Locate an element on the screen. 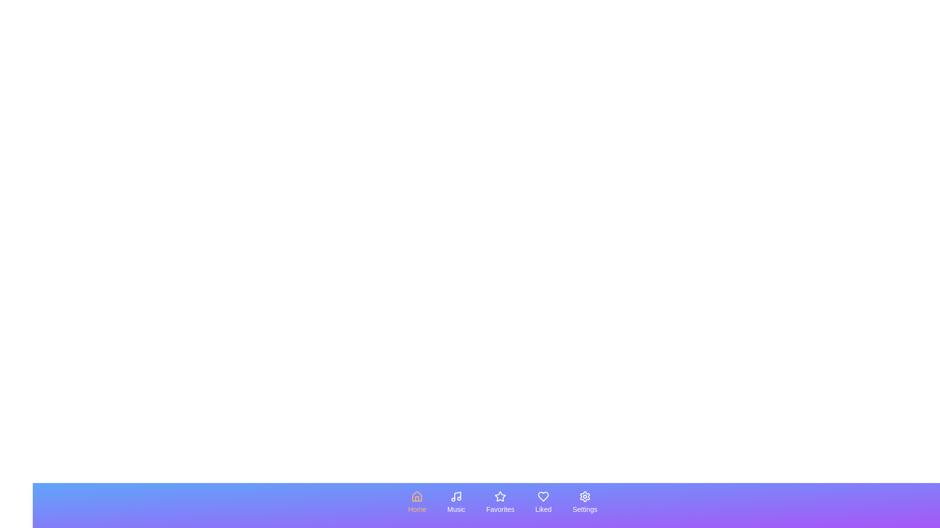  the tab item labeled Settings to observe its hover effect is located at coordinates (585, 503).